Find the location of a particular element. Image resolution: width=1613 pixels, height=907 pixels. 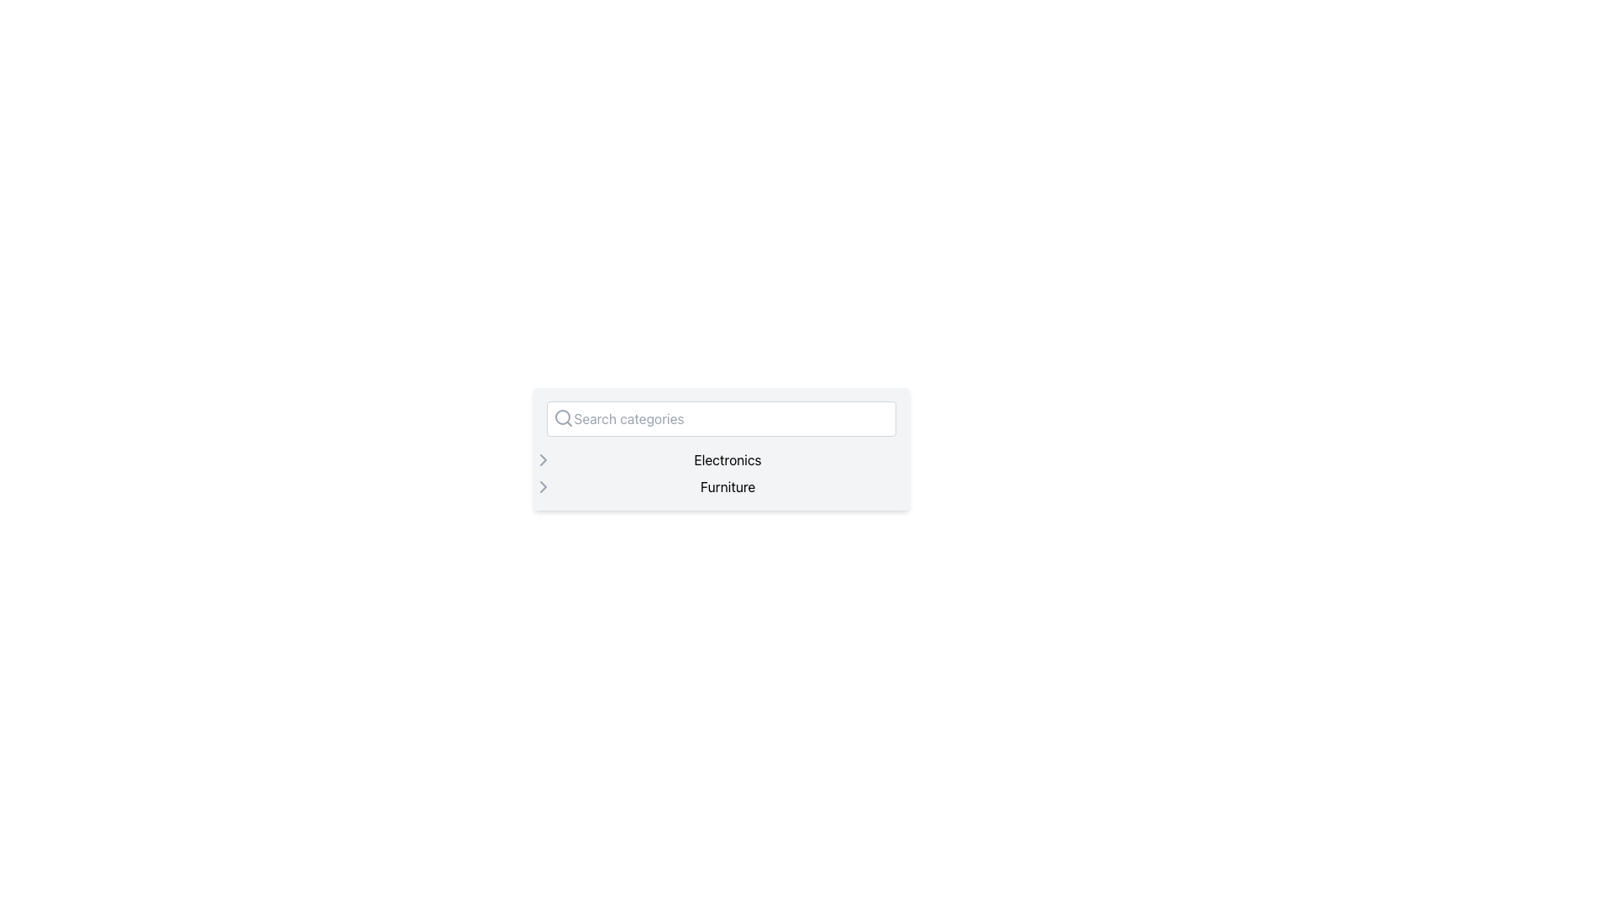

the right-pointing chevron icon button, which is styled in medium gray and located to the left of the text 'Furniture' in the categories list is located at coordinates (543, 486).